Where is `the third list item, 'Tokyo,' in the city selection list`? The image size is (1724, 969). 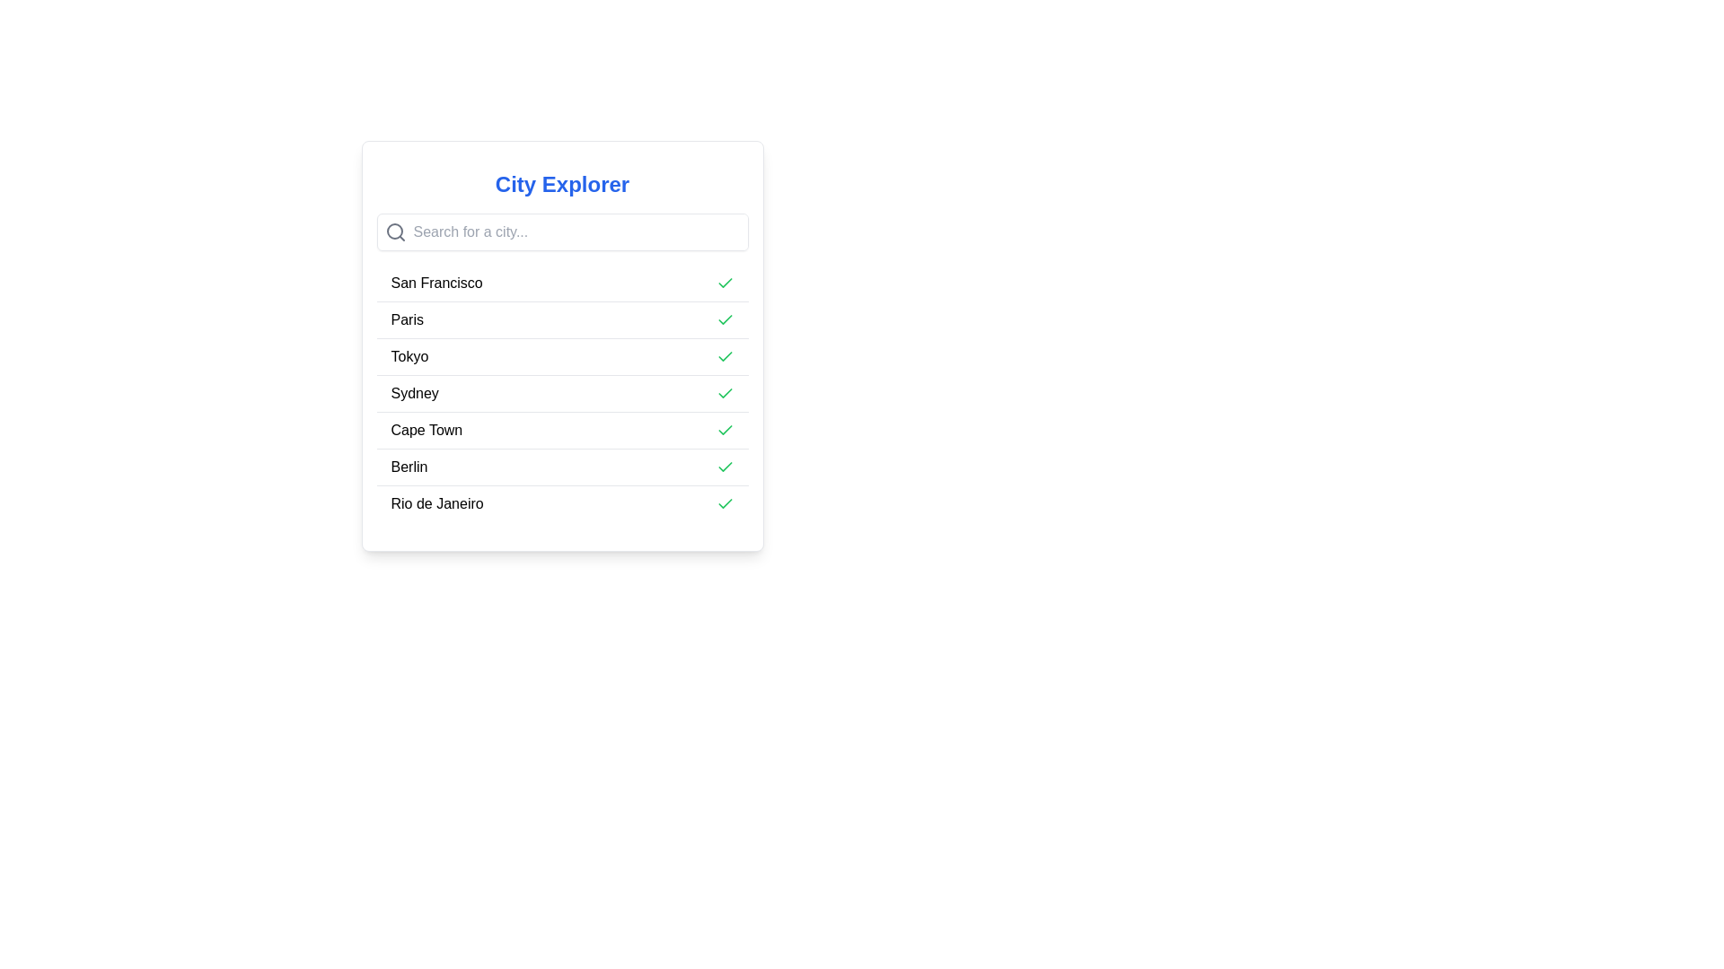
the third list item, 'Tokyo,' in the city selection list is located at coordinates (561, 345).